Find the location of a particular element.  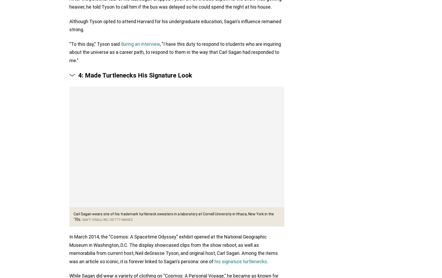

'Although Tyson opted to attend Harvard for his undergraduate education, Sagan's influence remained strong.' is located at coordinates (175, 25).